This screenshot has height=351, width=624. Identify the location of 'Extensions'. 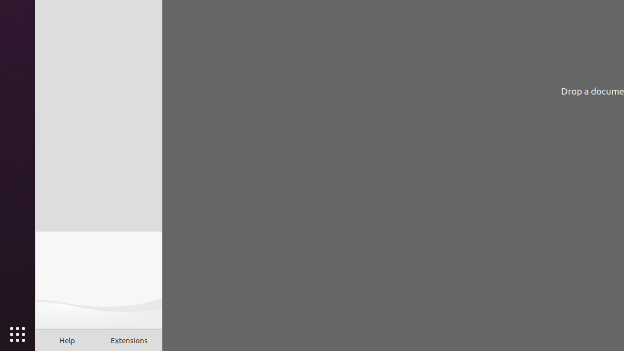
(129, 340).